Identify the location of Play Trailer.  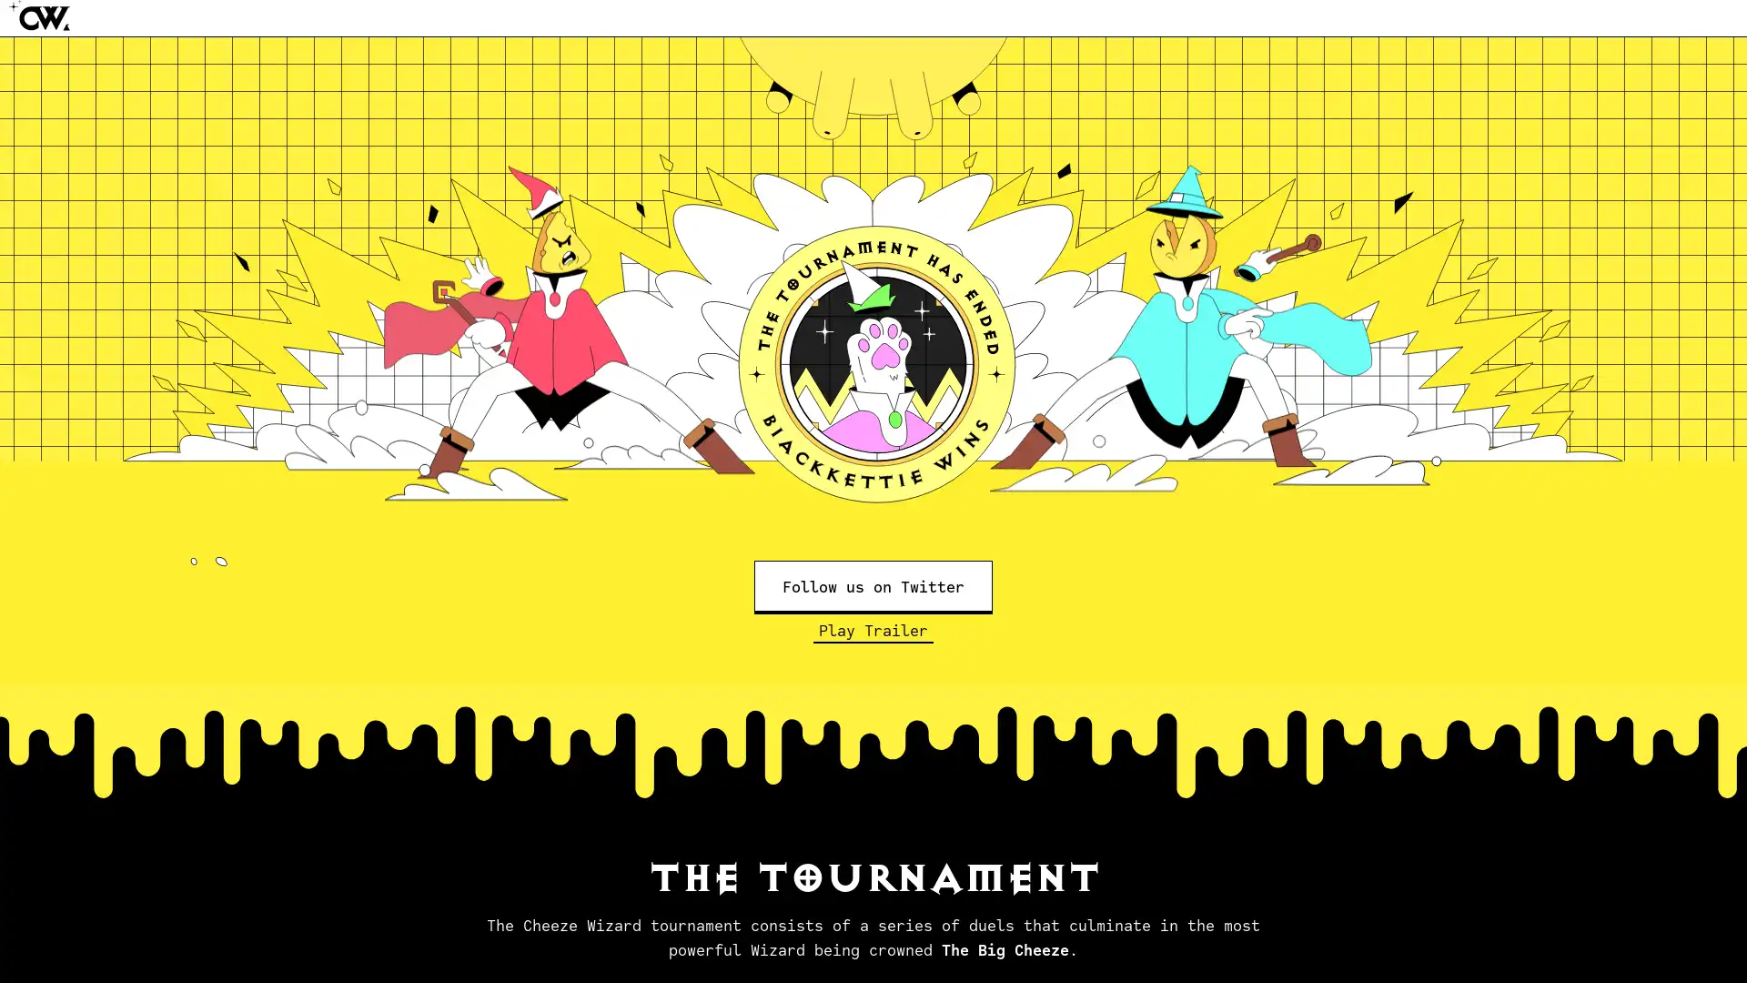
(873, 631).